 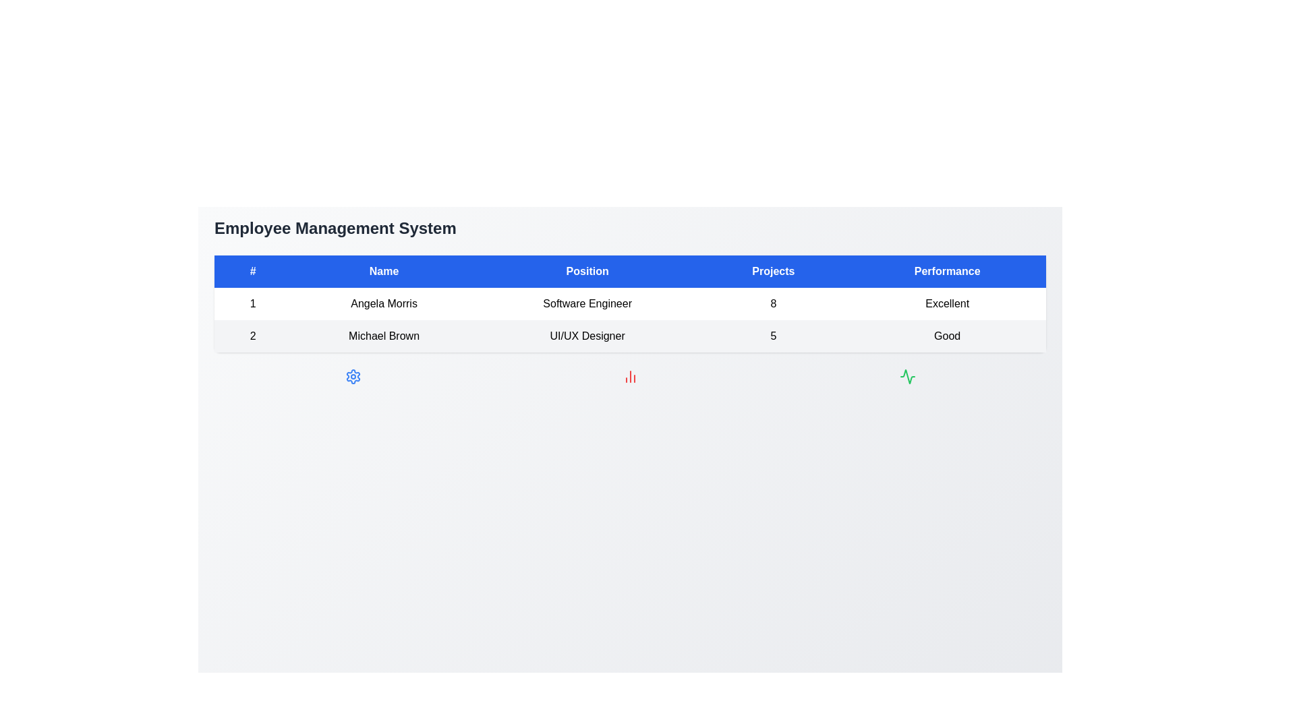 I want to click on the leftmost gear icon button, which is styled in blue and represents settings or configuration options, so click(x=353, y=377).